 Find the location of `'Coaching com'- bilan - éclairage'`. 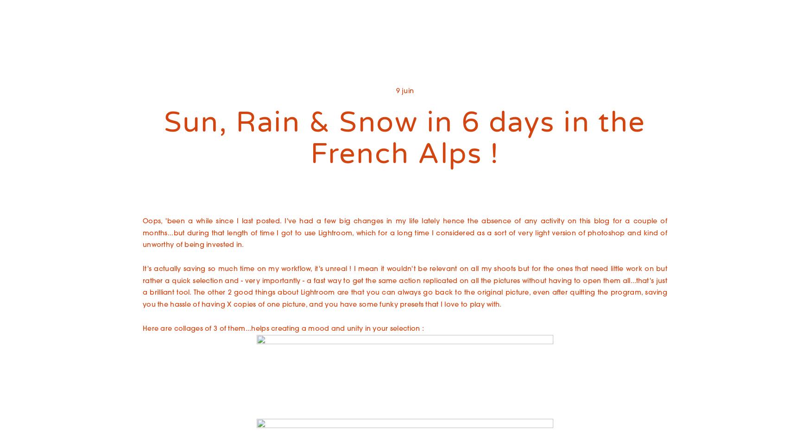

'Coaching com'- bilan - éclairage' is located at coordinates (333, 97).